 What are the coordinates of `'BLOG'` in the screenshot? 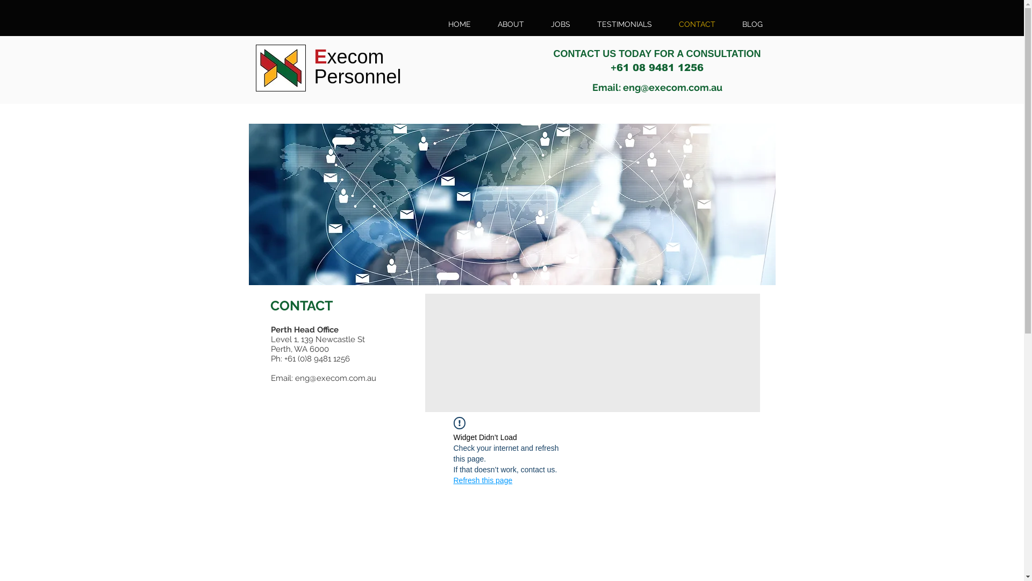 It's located at (752, 24).